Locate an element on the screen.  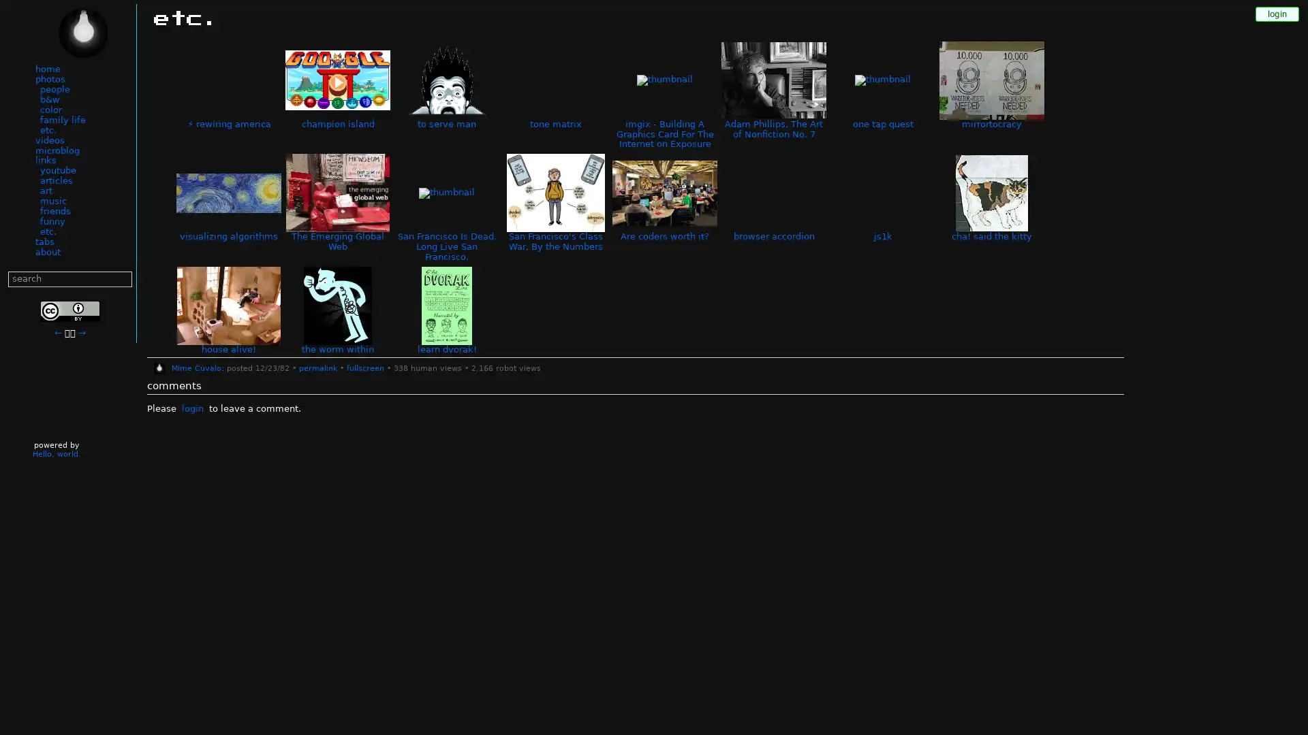
login is located at coordinates (191, 408).